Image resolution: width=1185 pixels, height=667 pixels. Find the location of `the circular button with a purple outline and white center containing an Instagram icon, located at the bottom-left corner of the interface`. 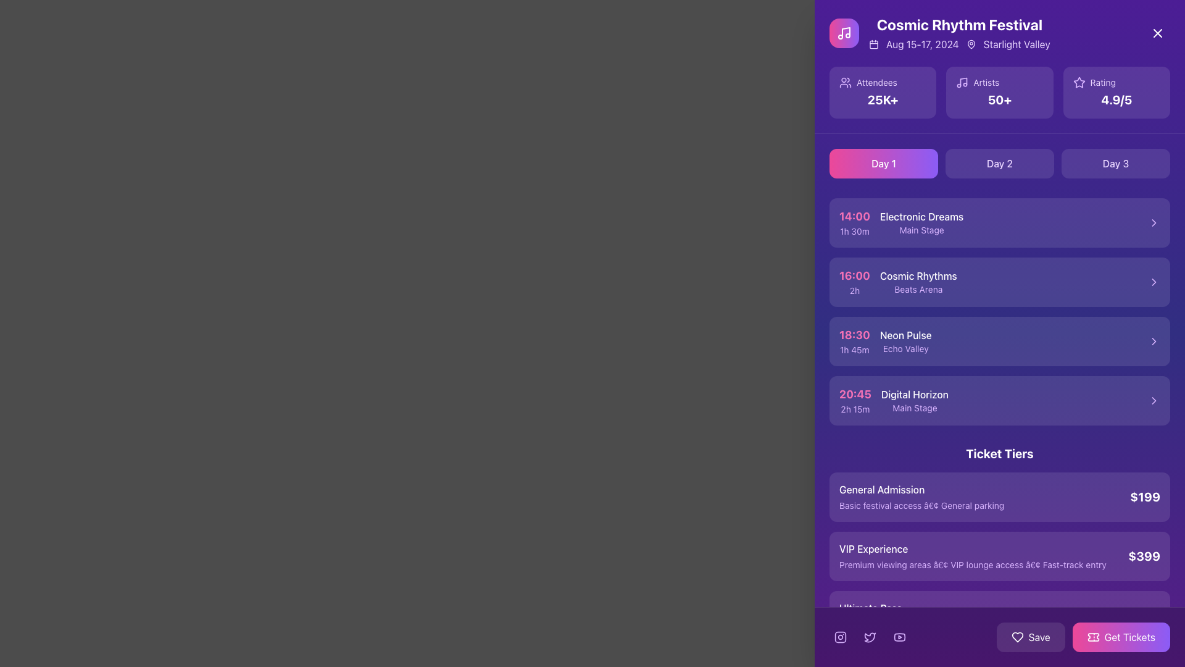

the circular button with a purple outline and white center containing an Instagram icon, located at the bottom-left corner of the interface is located at coordinates (840, 637).